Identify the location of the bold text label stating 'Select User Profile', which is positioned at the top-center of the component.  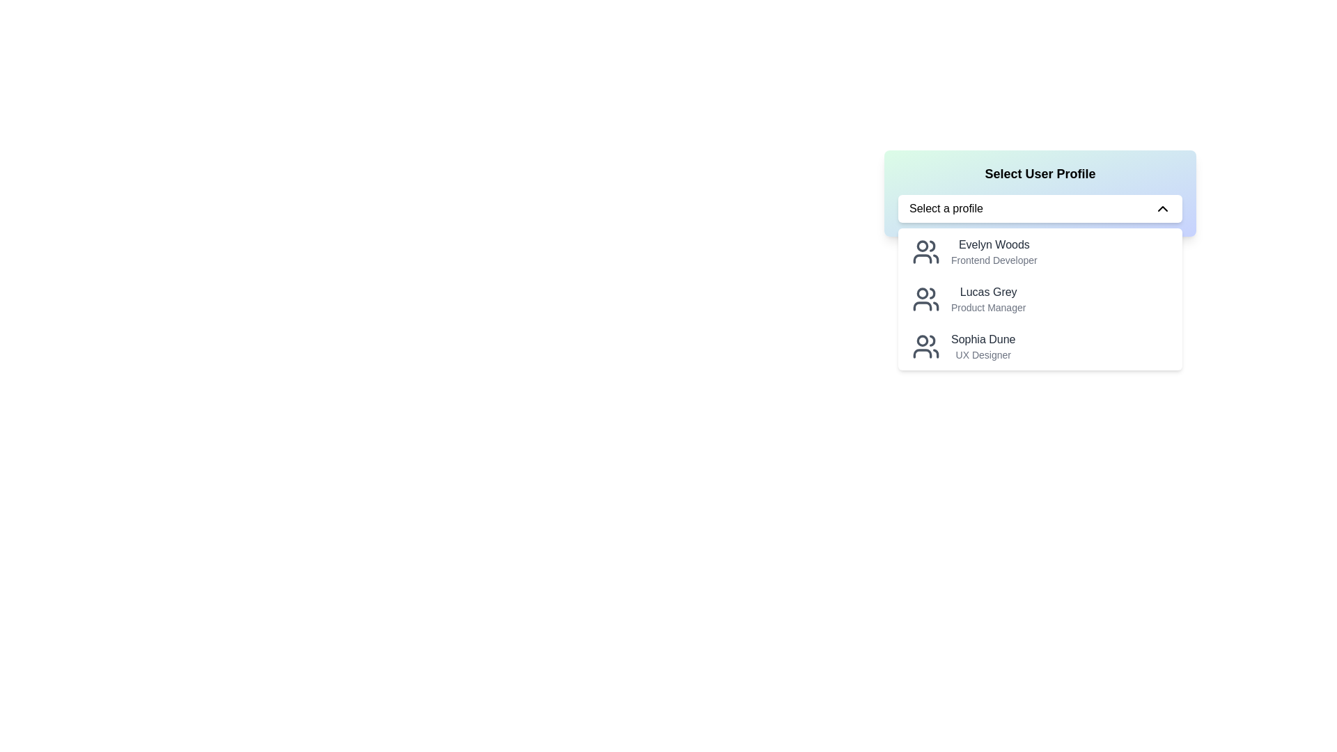
(1040, 173).